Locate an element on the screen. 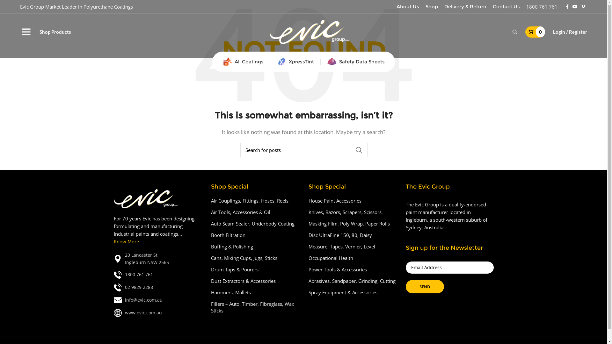  'Know More' is located at coordinates (126, 241).